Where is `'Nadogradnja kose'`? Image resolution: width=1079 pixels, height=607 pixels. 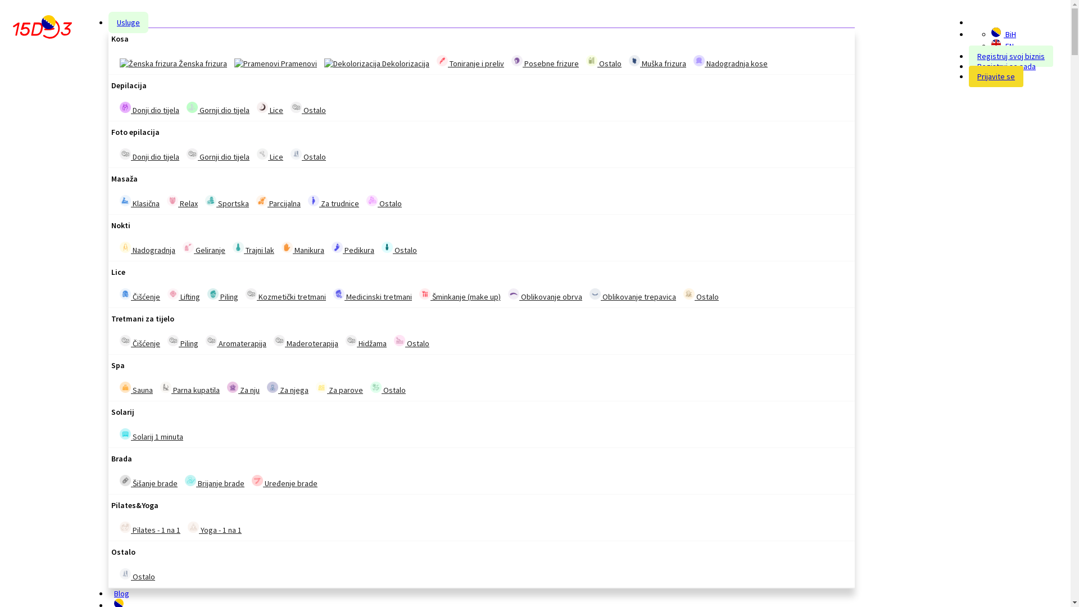
'Nadogradnja kose' is located at coordinates (731, 62).